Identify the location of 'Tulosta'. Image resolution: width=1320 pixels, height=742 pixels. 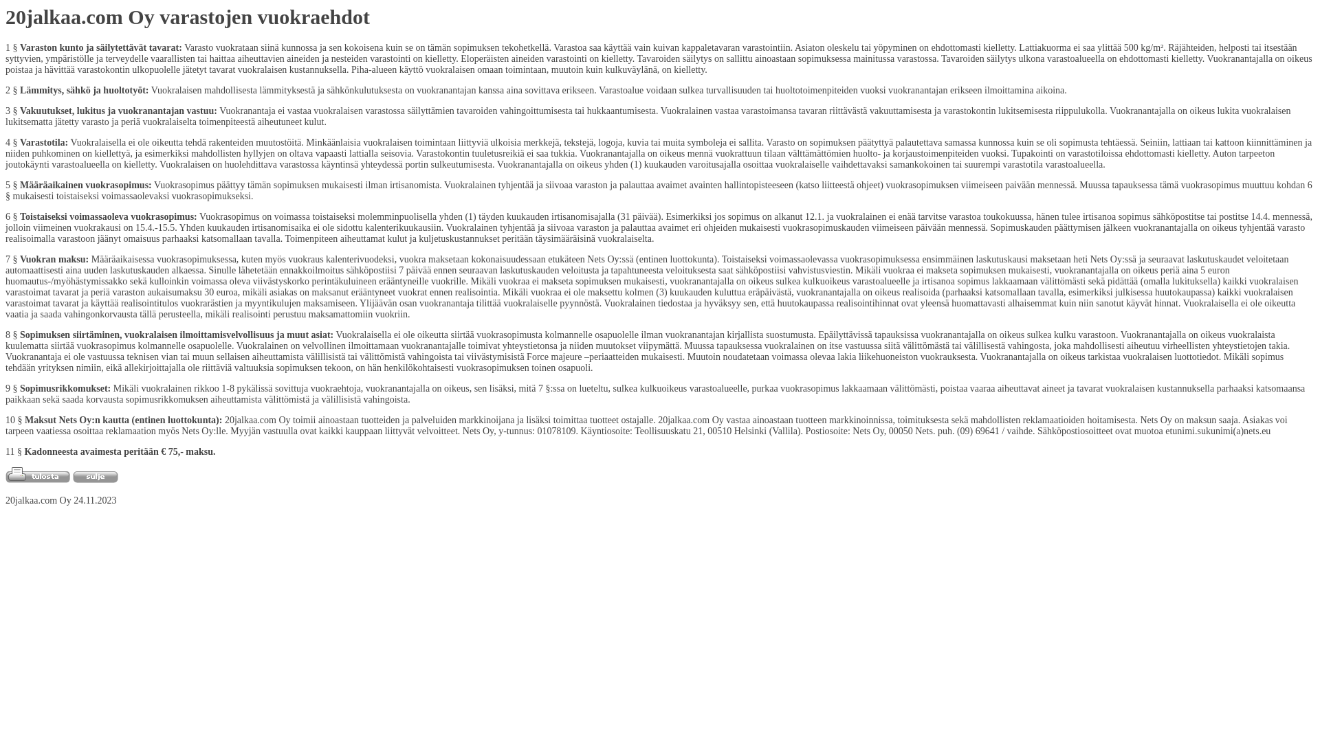
(37, 474).